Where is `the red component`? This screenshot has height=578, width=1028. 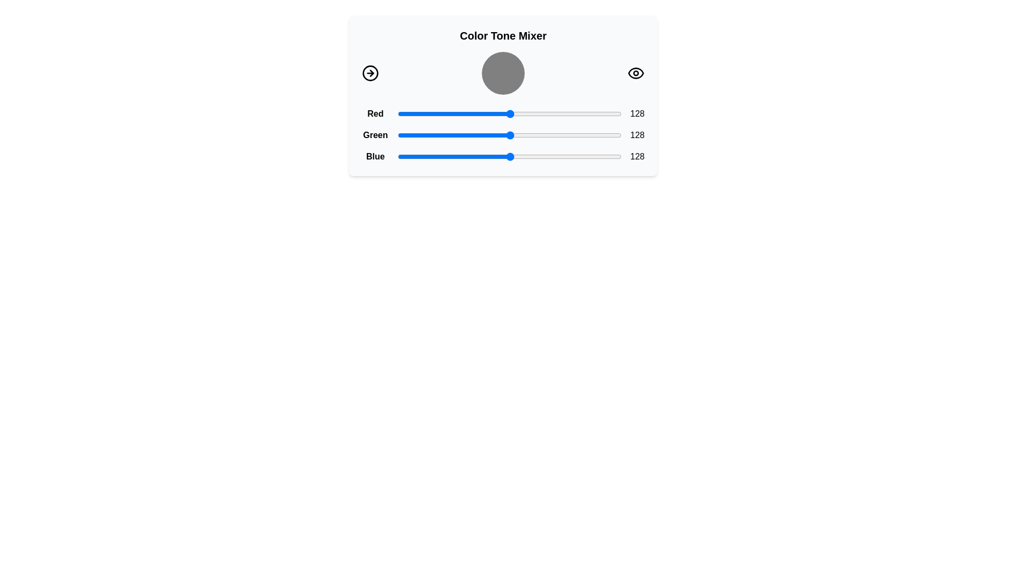
the red component is located at coordinates (541, 113).